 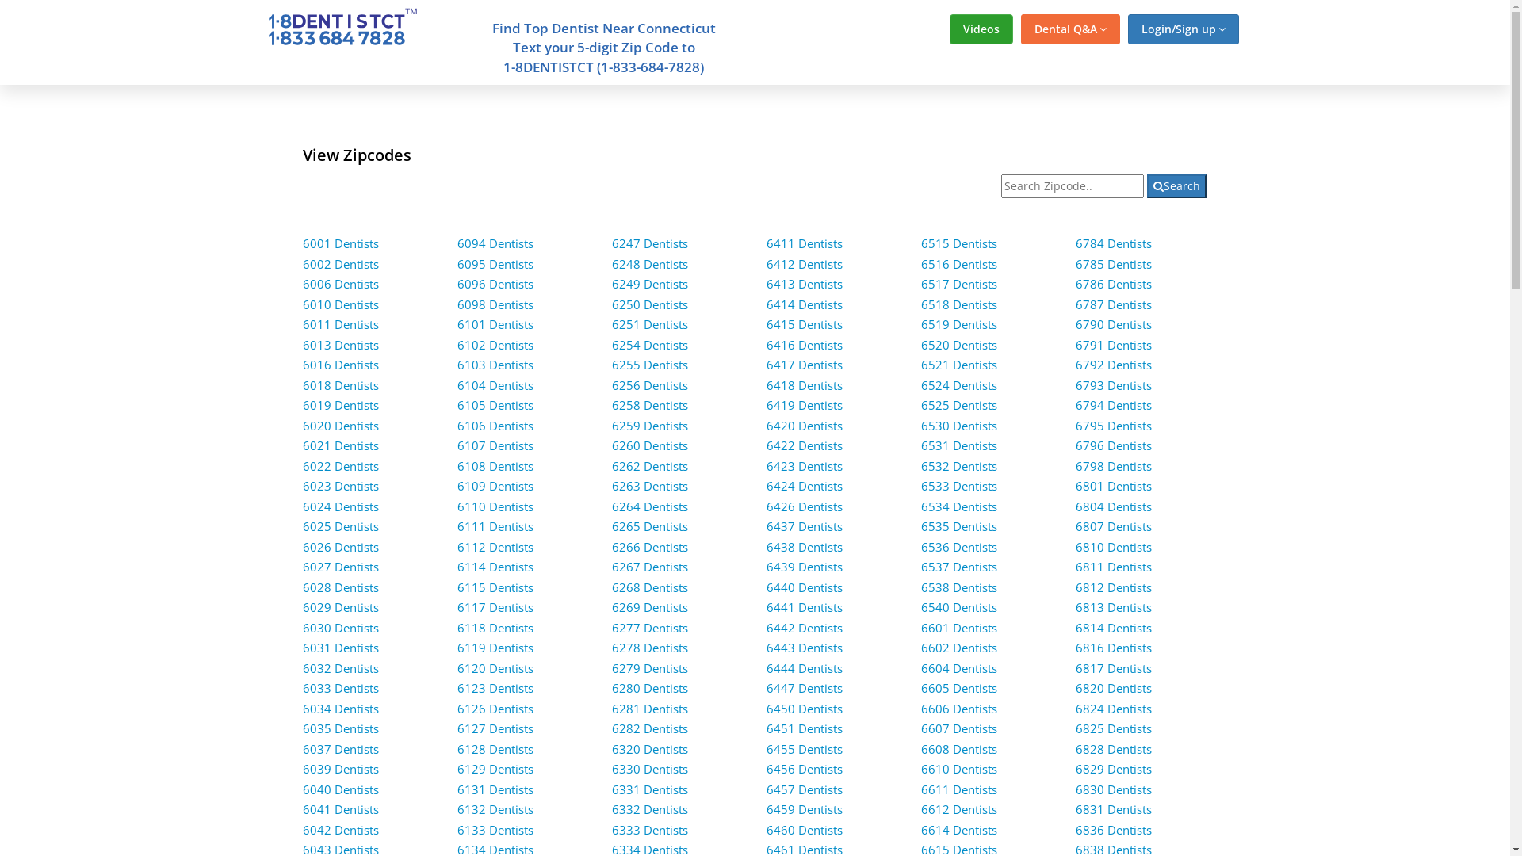 I want to click on '6035 Dentists', so click(x=340, y=728).